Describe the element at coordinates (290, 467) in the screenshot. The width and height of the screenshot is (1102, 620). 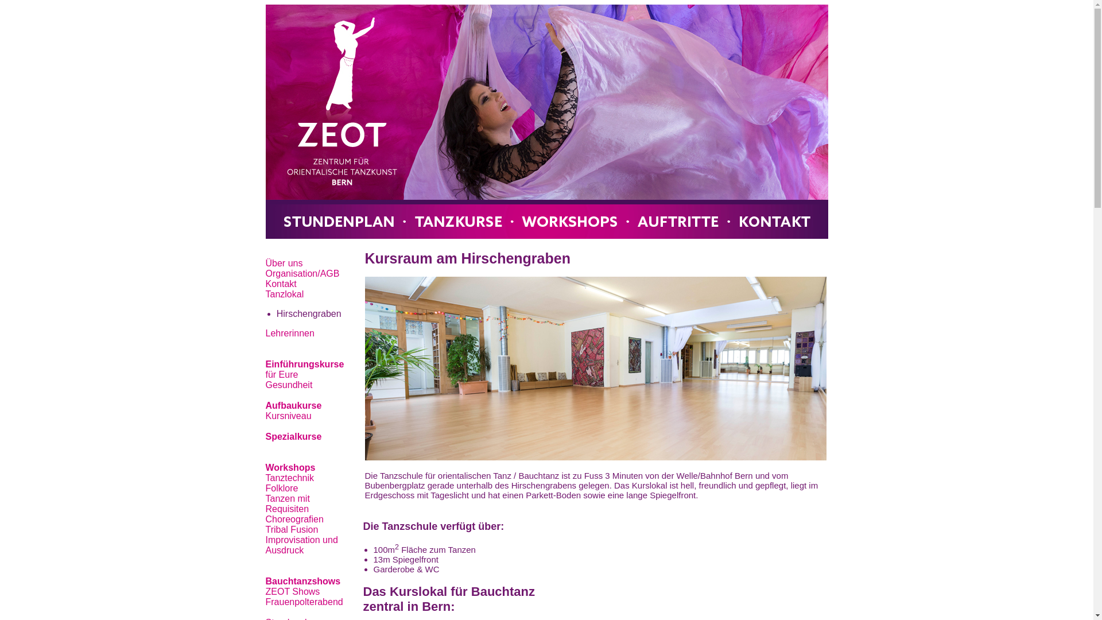
I see `'Workshops'` at that location.